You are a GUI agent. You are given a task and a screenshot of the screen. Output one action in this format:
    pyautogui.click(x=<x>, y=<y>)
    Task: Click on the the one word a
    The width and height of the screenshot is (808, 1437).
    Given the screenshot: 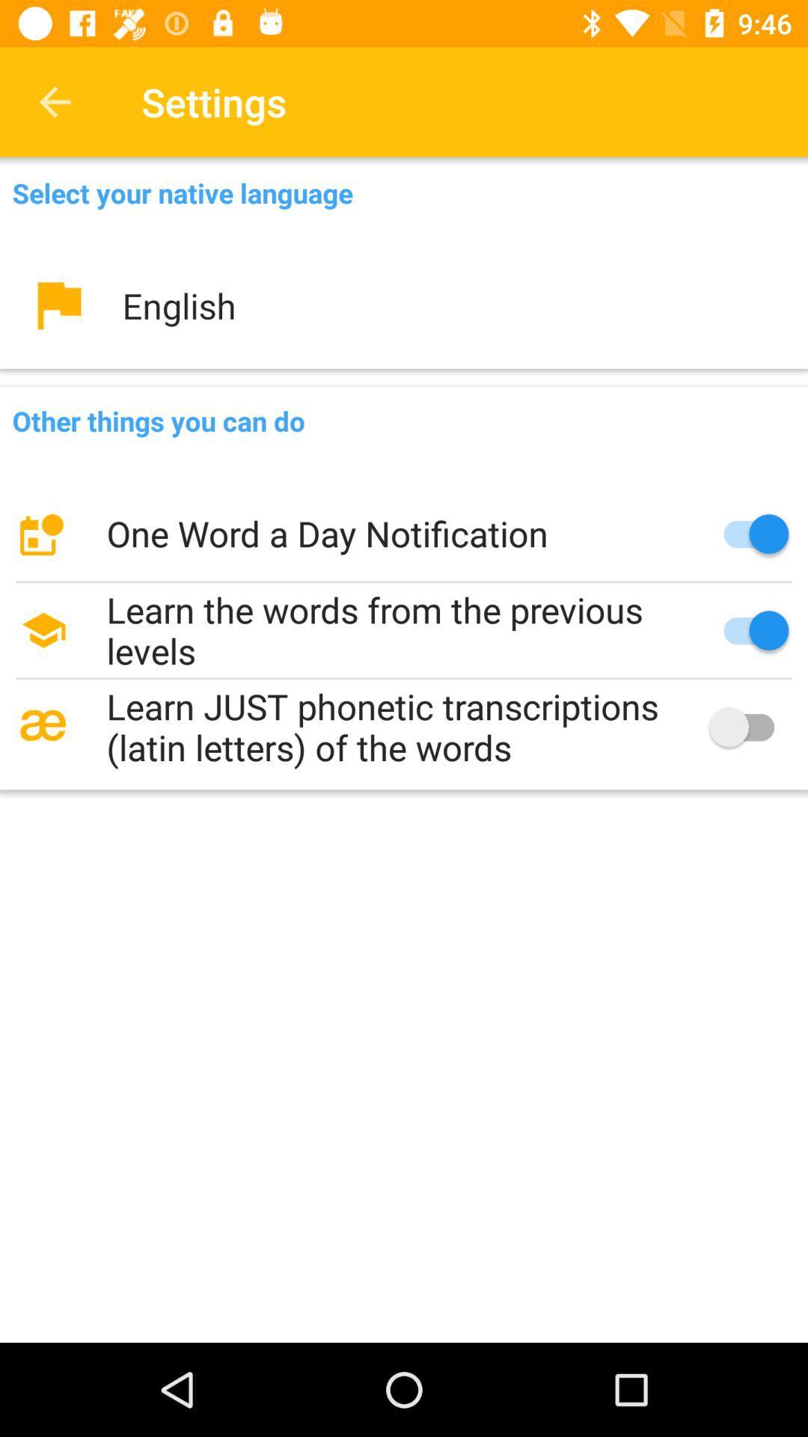 What is the action you would take?
    pyautogui.click(x=404, y=534)
    